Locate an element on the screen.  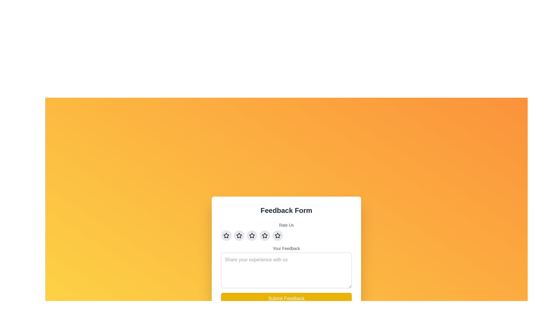
the Rating Component element containing five rounded buttons with star icons, located below the 'Rate Us' label for keyboard interaction is located at coordinates (286, 235).